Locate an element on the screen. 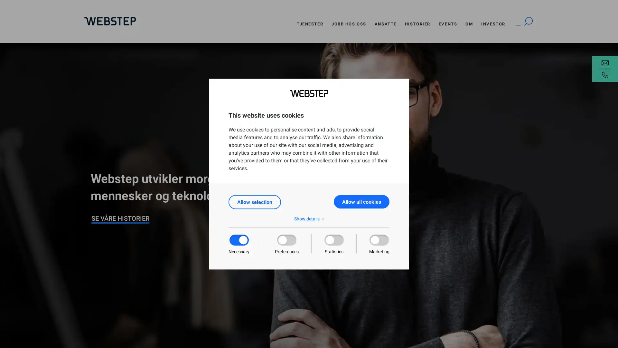  Allow all cookies is located at coordinates (361, 201).